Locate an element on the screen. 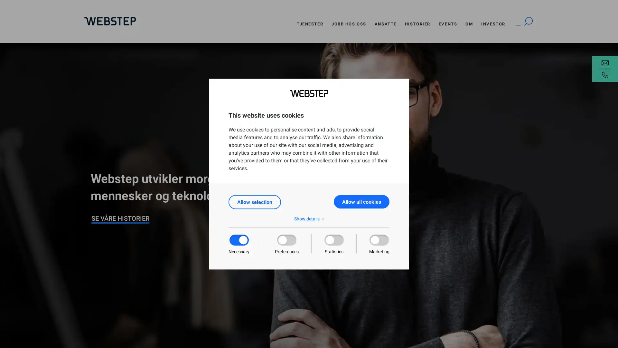  Allow all cookies is located at coordinates (361, 201).